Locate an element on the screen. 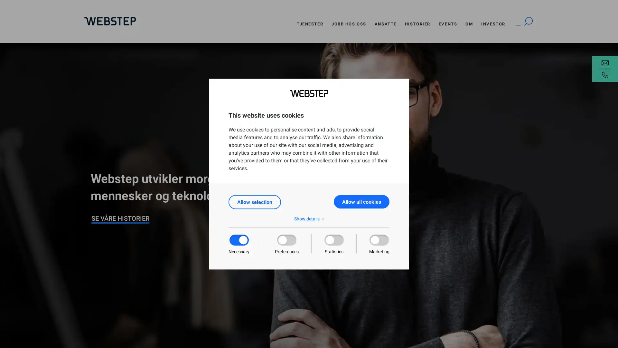  Allow all cookies is located at coordinates (361, 201).